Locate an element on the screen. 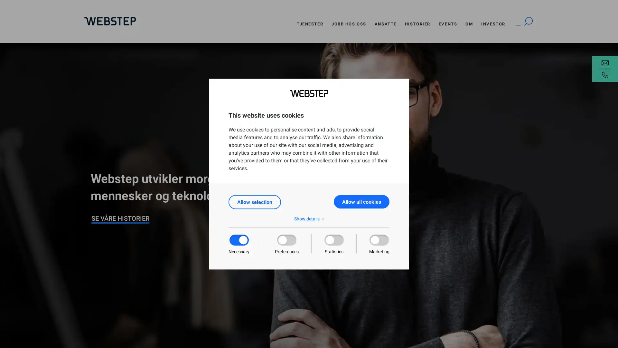  Allow all cookies is located at coordinates (361, 201).